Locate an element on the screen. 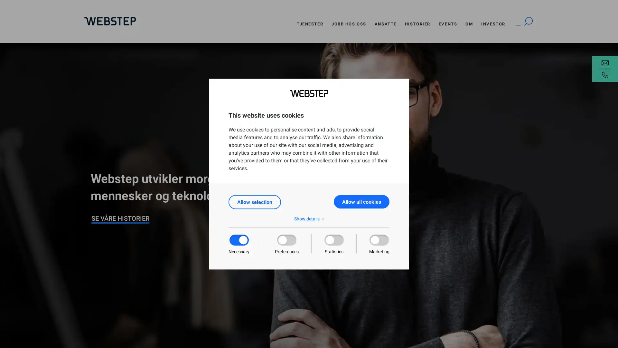  Allow all cookies is located at coordinates (361, 201).